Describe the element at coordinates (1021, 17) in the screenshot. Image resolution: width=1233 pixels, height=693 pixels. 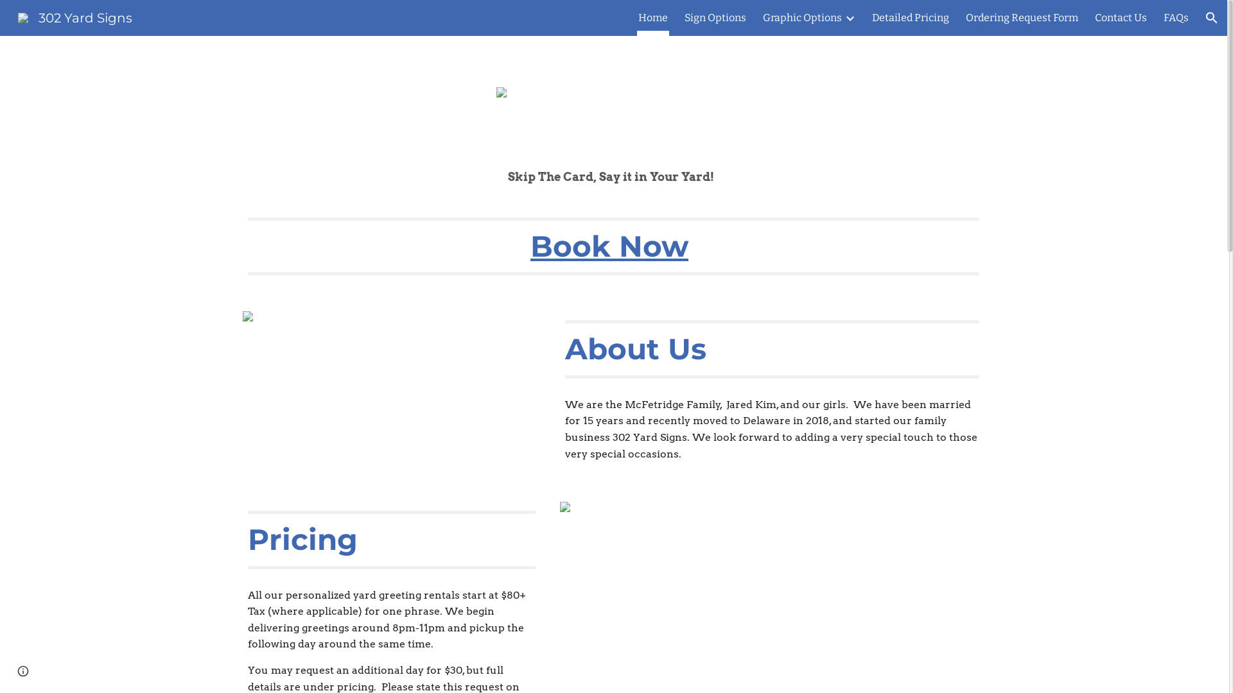
I see `'Ordering Request Form'` at that location.